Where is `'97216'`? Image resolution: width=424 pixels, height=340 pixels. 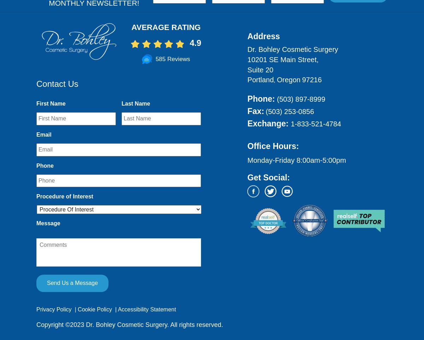 '97216' is located at coordinates (311, 80).